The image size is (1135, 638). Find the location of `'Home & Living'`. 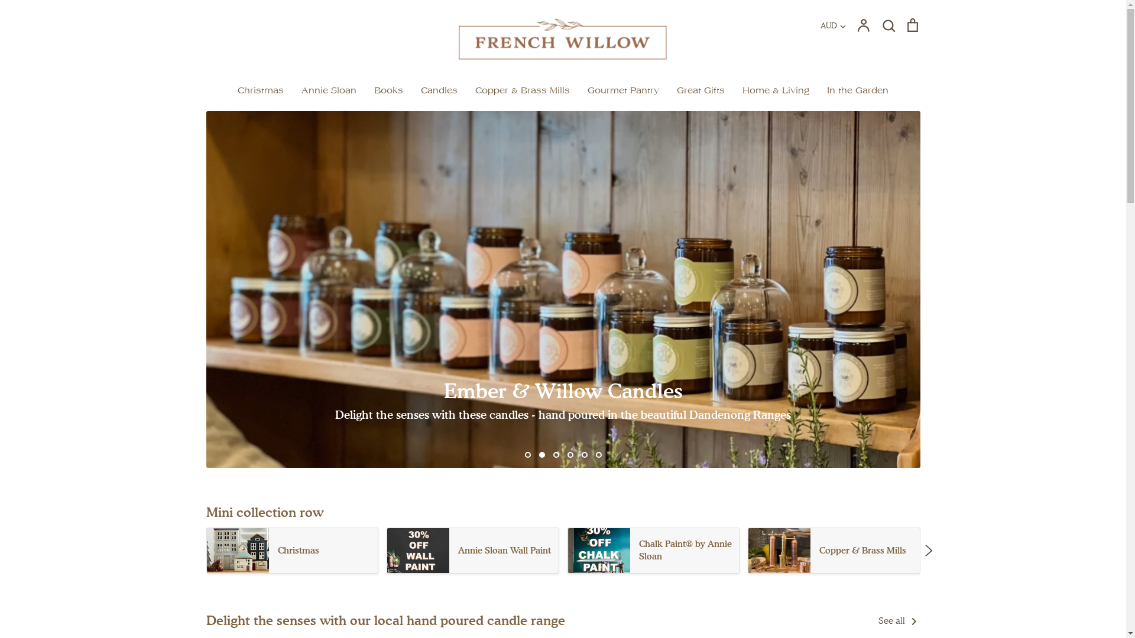

'Home & Living' is located at coordinates (776, 90).